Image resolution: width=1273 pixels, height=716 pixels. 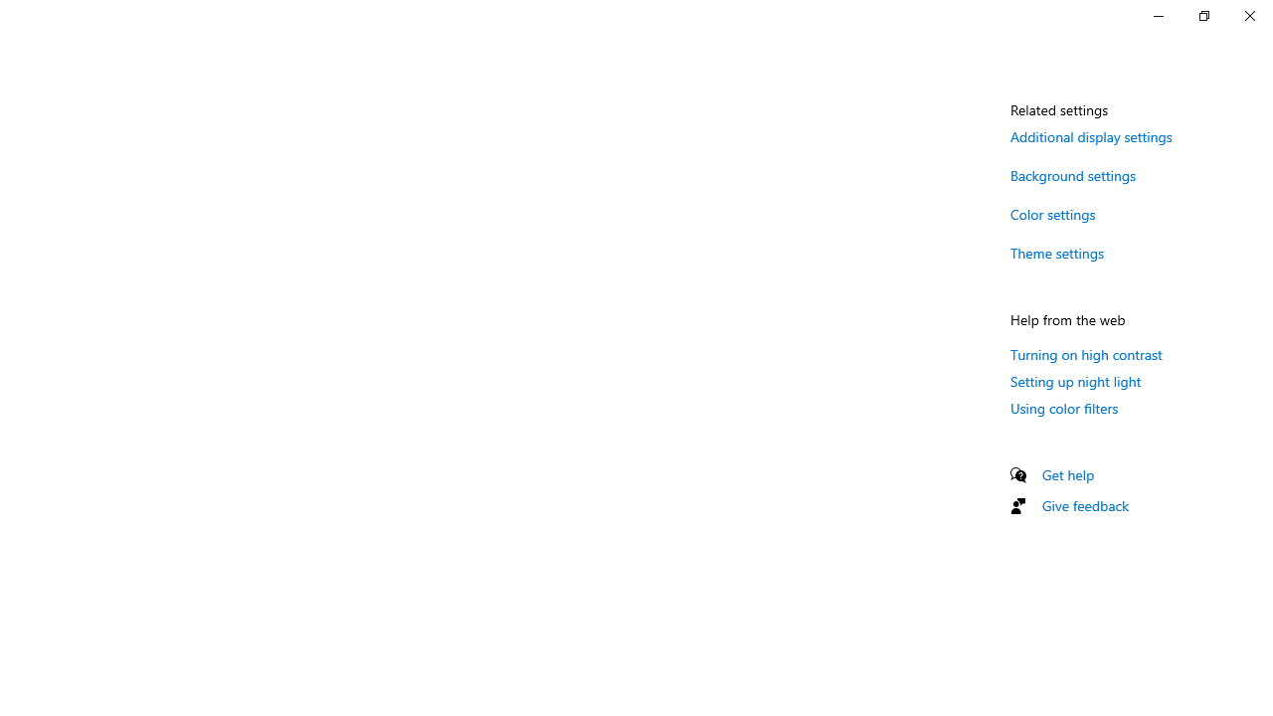 What do you see at coordinates (1248, 15) in the screenshot?
I see `'Close Settings'` at bounding box center [1248, 15].